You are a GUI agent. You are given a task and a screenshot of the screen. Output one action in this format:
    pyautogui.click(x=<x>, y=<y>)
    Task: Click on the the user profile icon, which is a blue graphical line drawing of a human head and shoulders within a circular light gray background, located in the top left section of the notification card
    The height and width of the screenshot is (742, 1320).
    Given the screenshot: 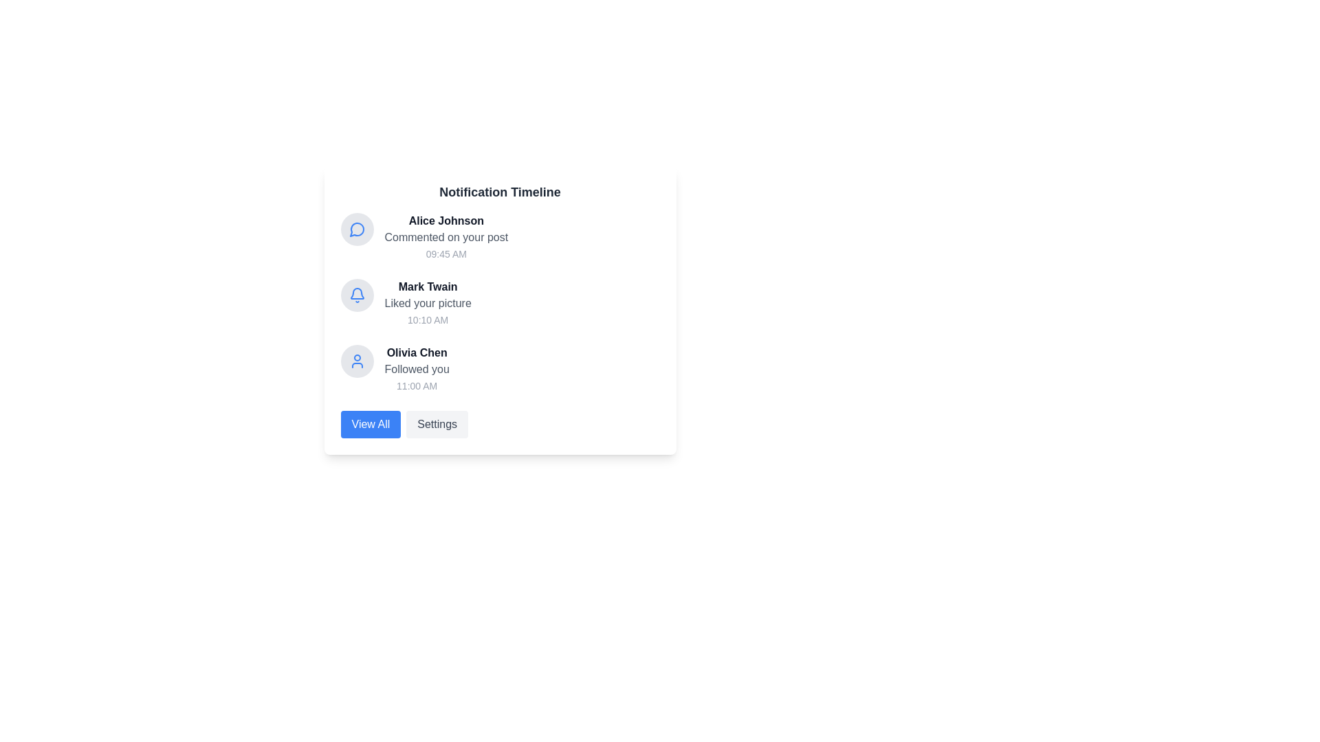 What is the action you would take?
    pyautogui.click(x=357, y=360)
    